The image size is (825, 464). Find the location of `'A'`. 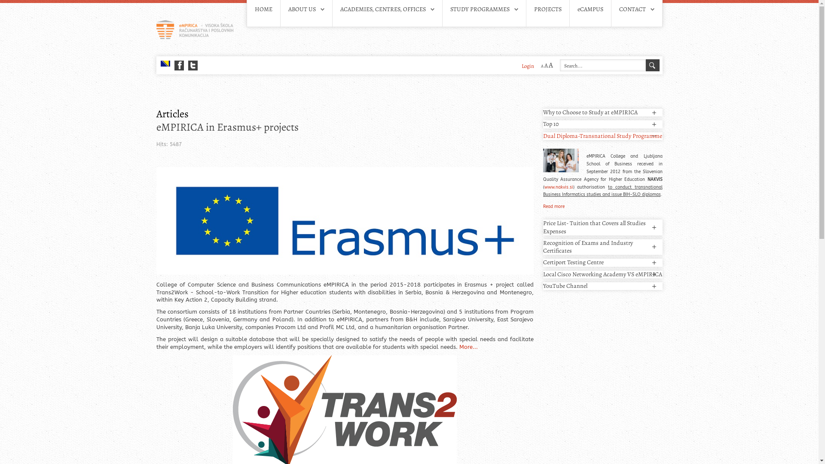

'A' is located at coordinates (541, 65).